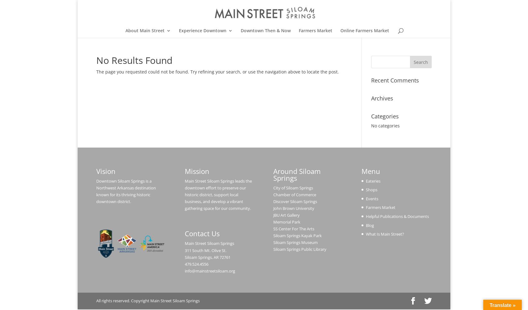 The image size is (528, 310). What do you see at coordinates (299, 249) in the screenshot?
I see `'Siloam Springs Public Library'` at bounding box center [299, 249].